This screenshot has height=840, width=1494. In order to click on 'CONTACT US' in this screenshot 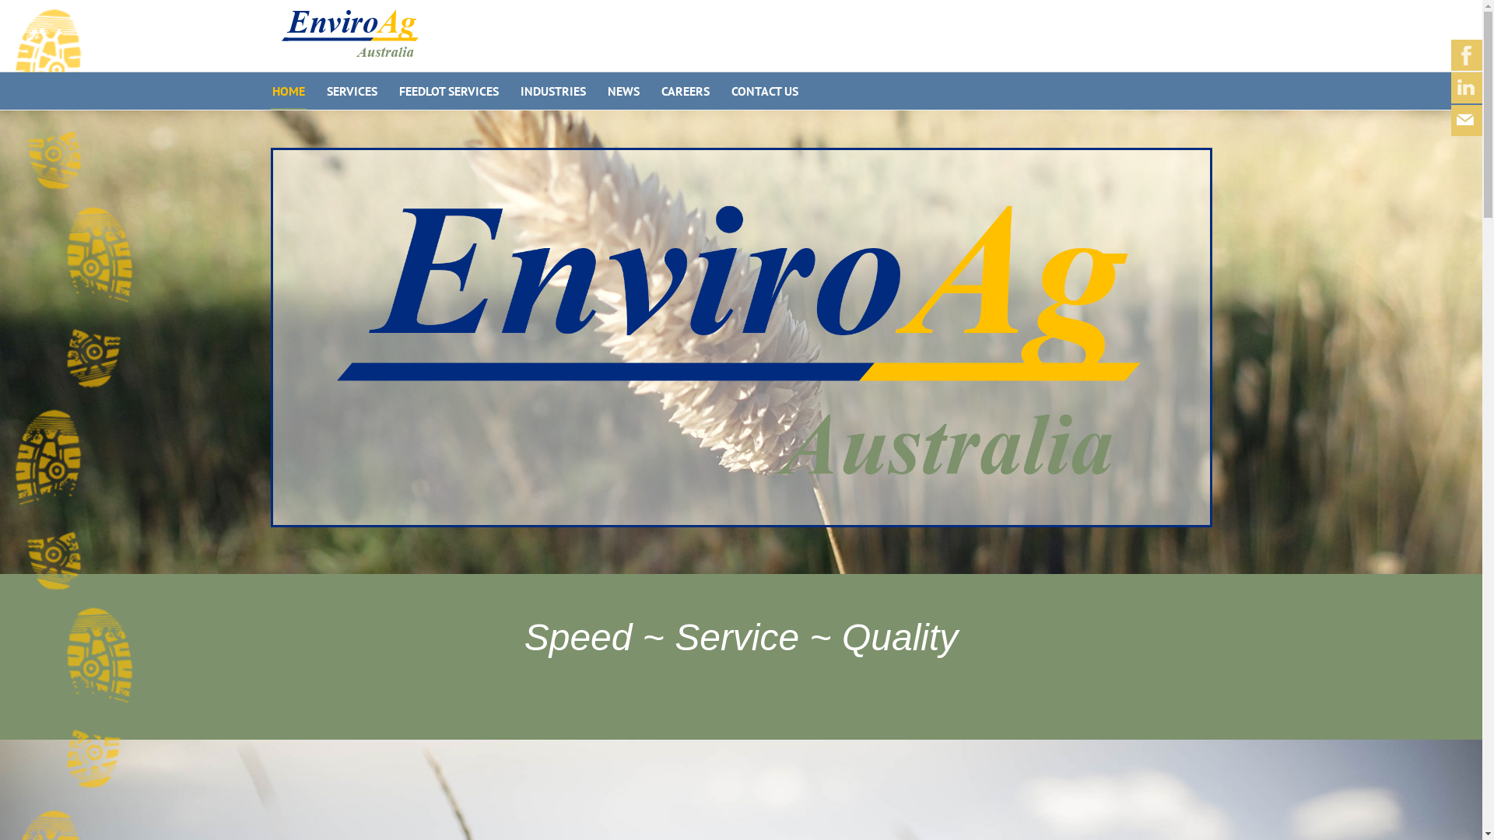, I will do `click(728, 90)`.